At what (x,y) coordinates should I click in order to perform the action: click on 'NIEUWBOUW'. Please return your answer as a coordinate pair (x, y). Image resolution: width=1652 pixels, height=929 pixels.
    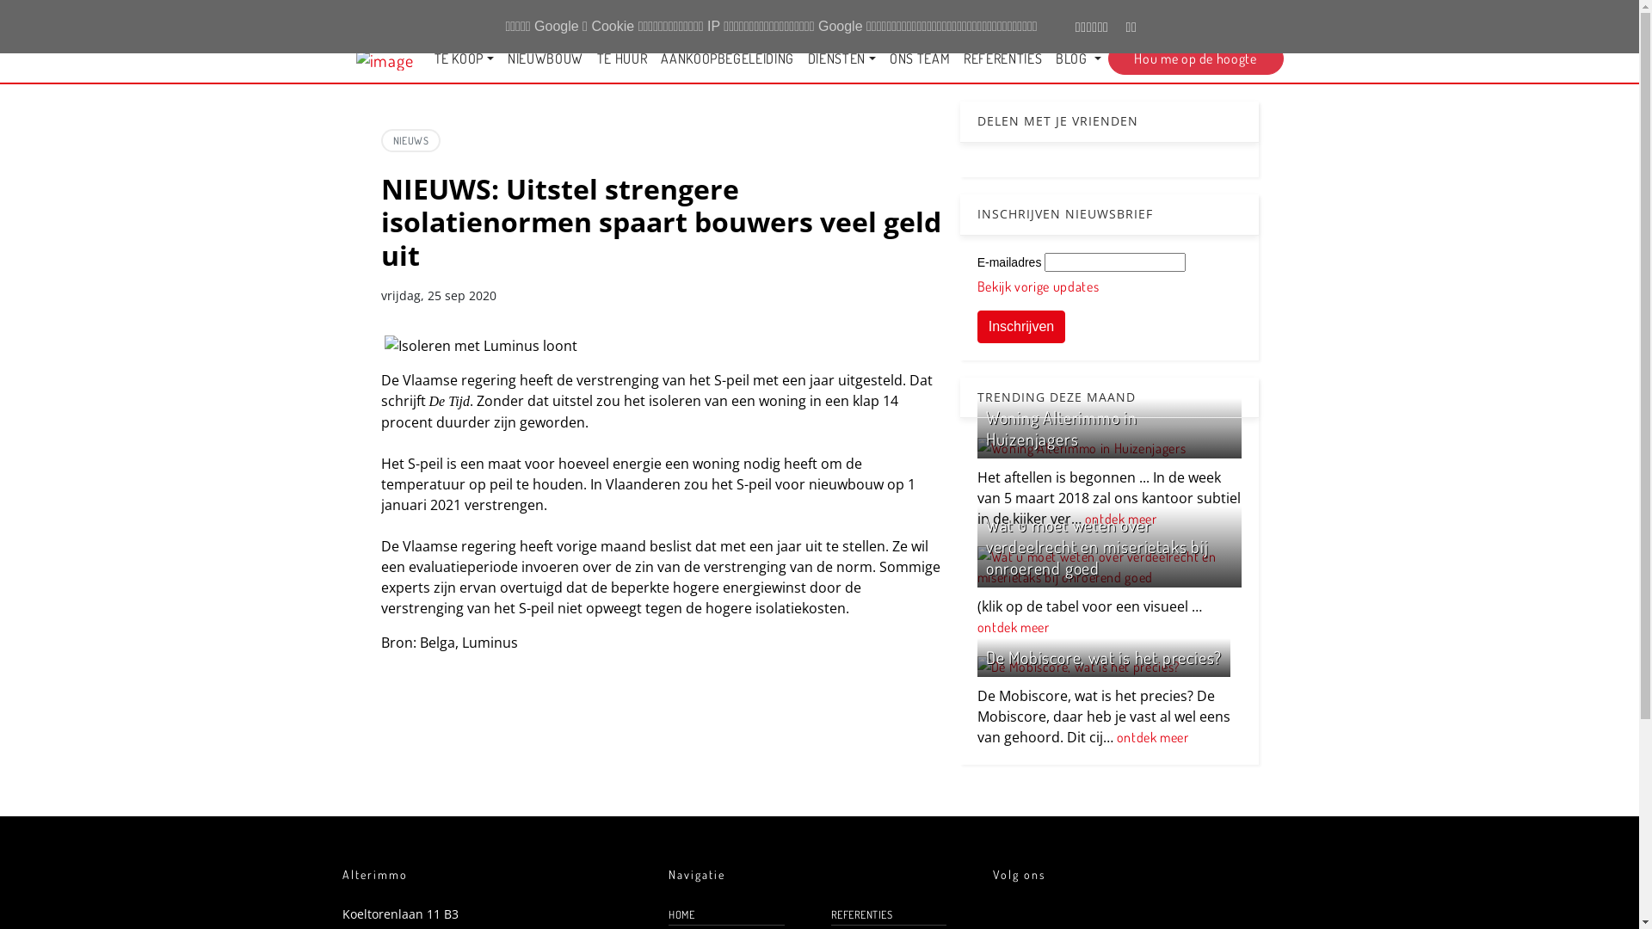
    Looking at the image, I should click on (544, 58).